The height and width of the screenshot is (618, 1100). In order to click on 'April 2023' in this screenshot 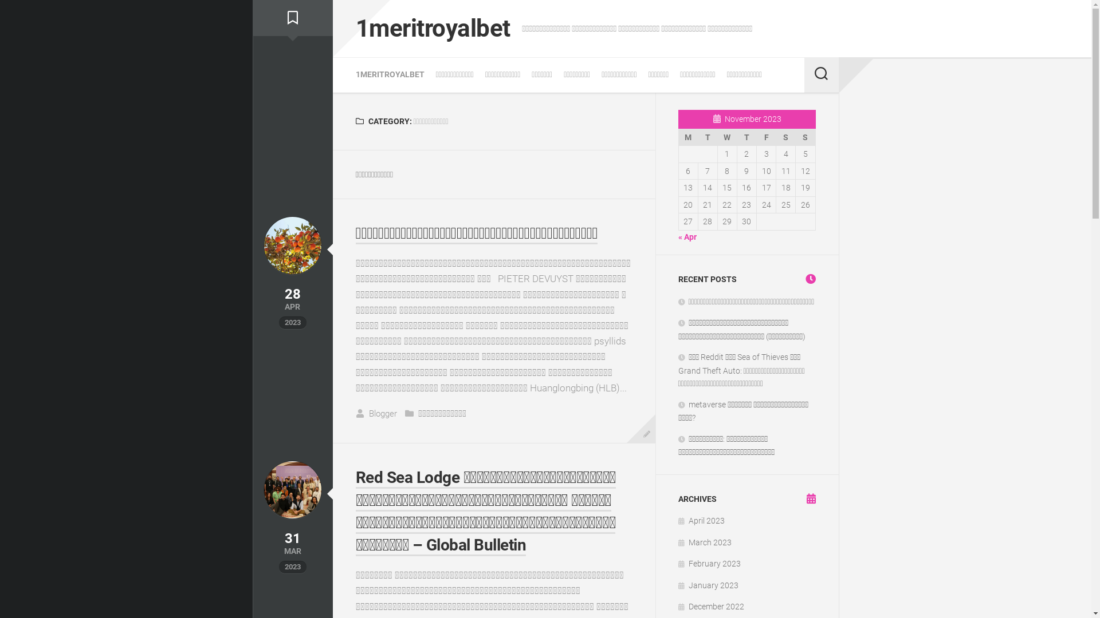, I will do `click(678, 521)`.